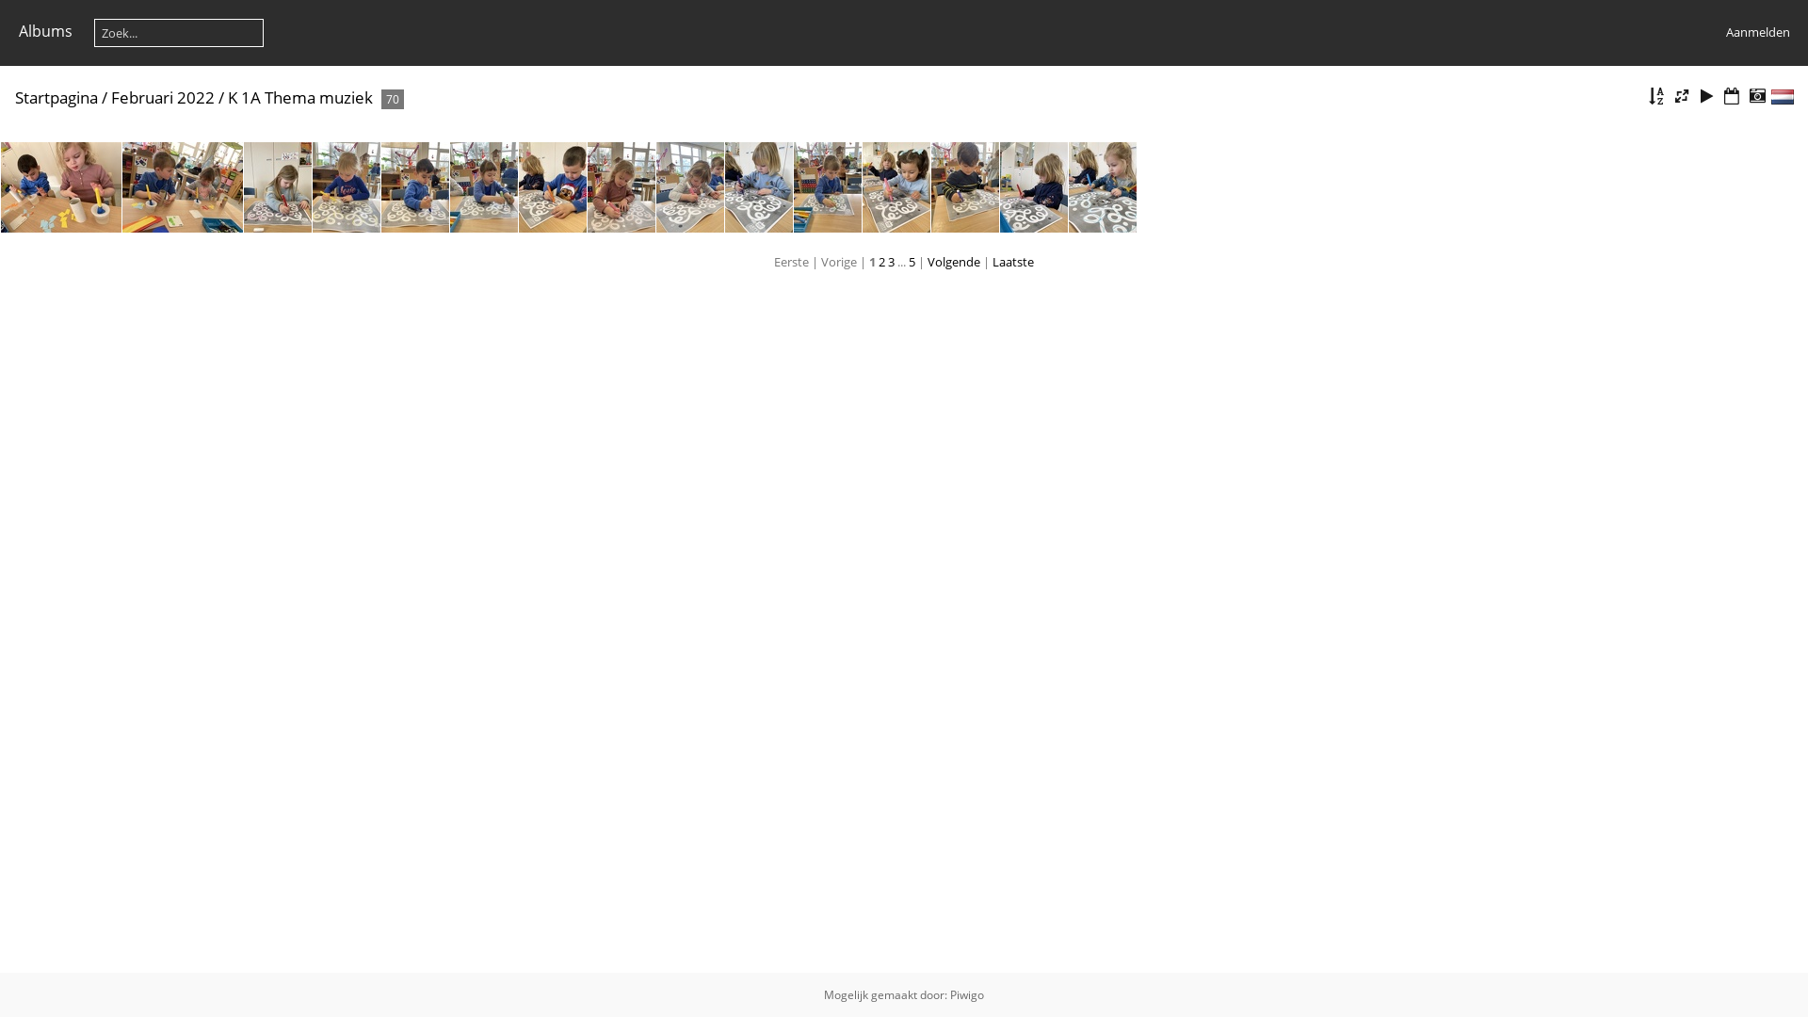  I want to click on 'Taal', so click(1783, 97).